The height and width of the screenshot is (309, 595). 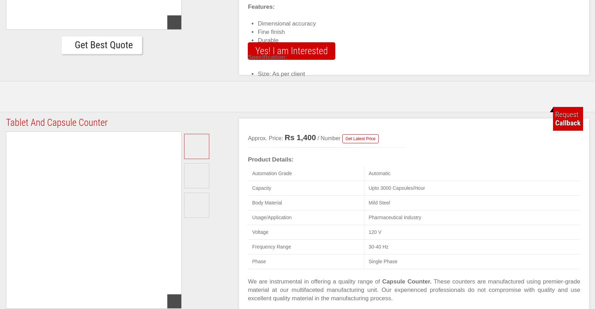 I want to click on 'Tablet And Capsule Counter', so click(x=56, y=122).